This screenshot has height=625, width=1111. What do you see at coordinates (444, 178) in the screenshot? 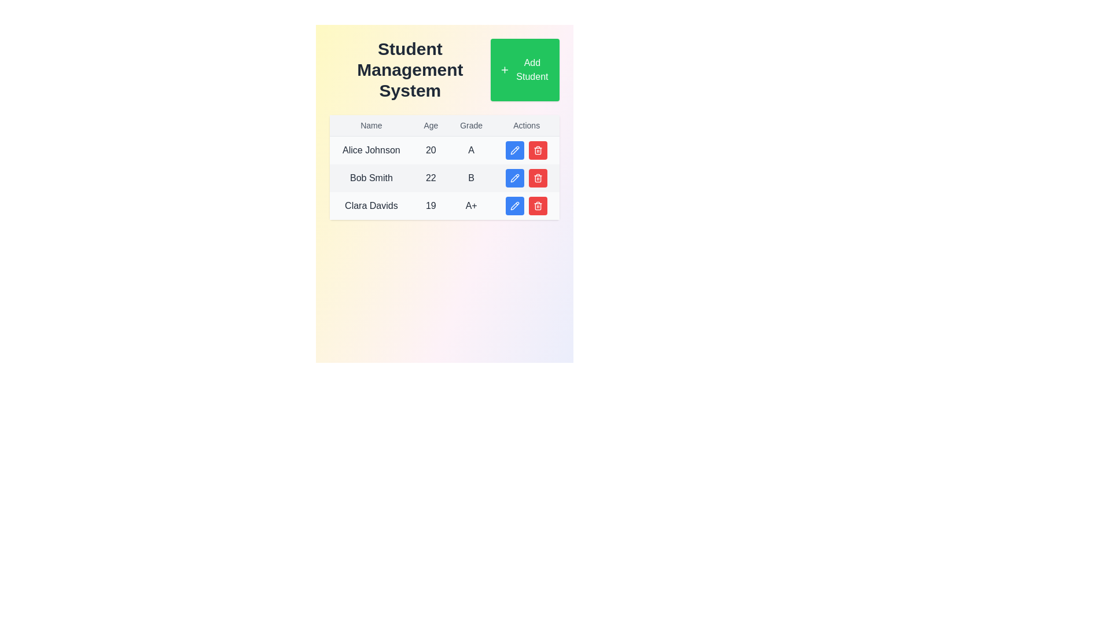
I see `the second row of the data table that presents the personal information of 'Bob Smith' to trigger further details view` at bounding box center [444, 178].